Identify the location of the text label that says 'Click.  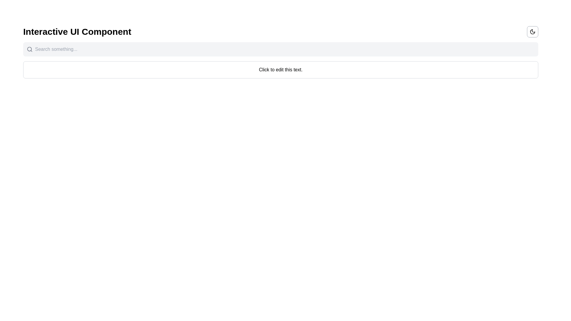
(280, 69).